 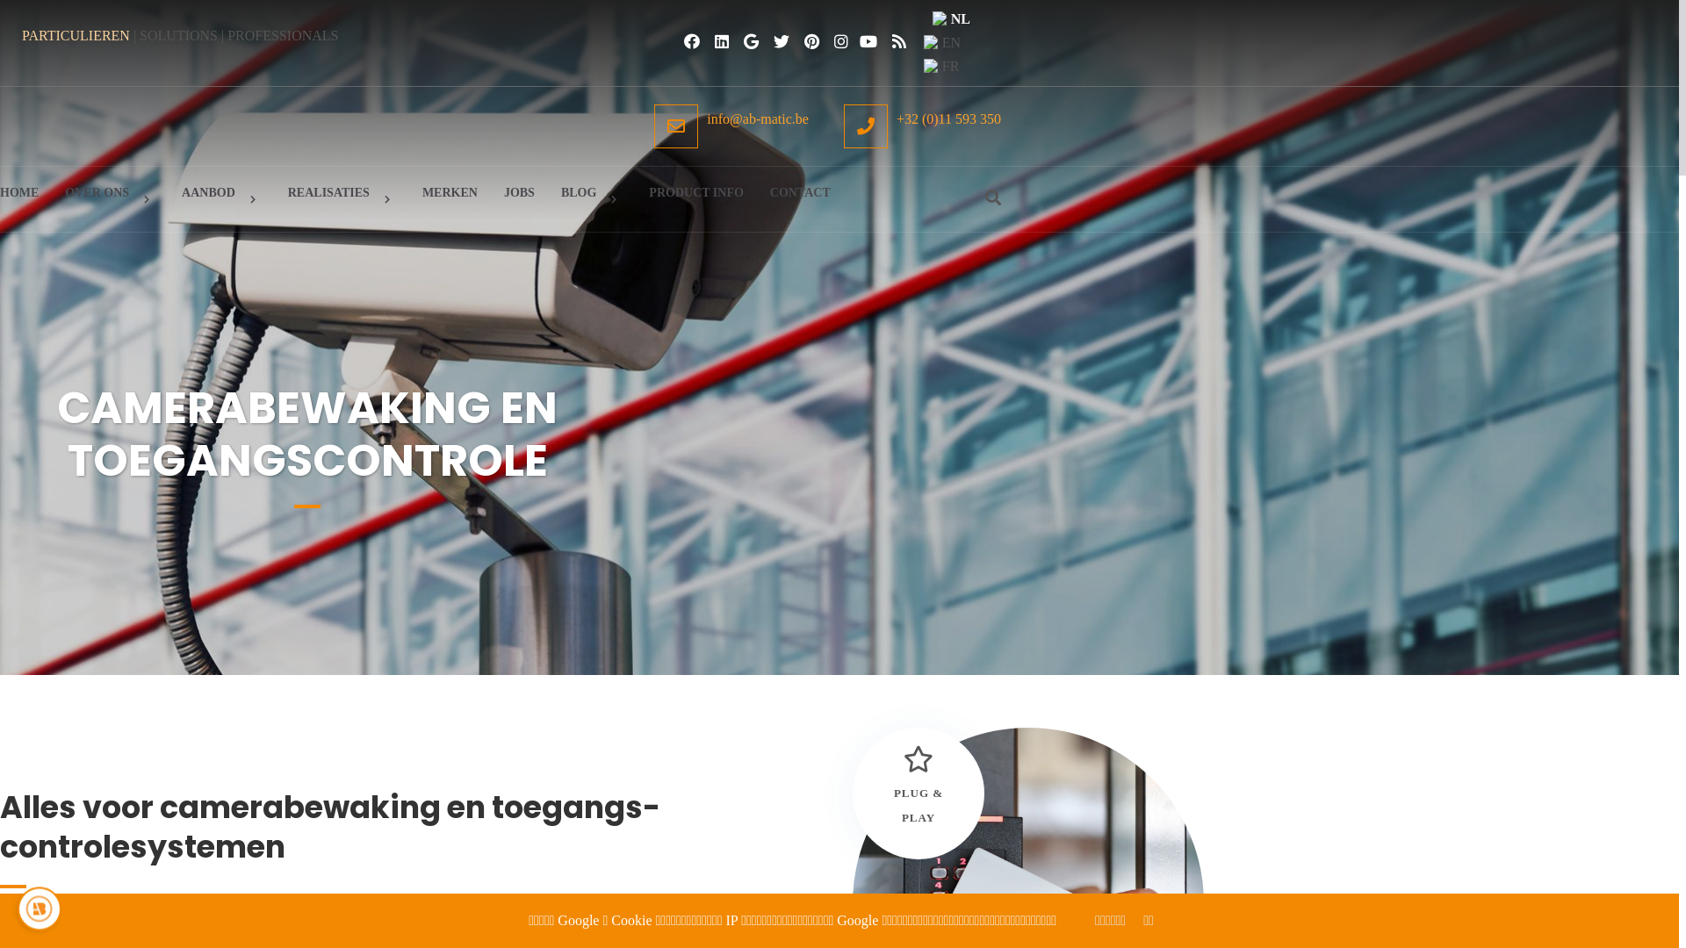 What do you see at coordinates (220, 198) in the screenshot?
I see `'AANBOD'` at bounding box center [220, 198].